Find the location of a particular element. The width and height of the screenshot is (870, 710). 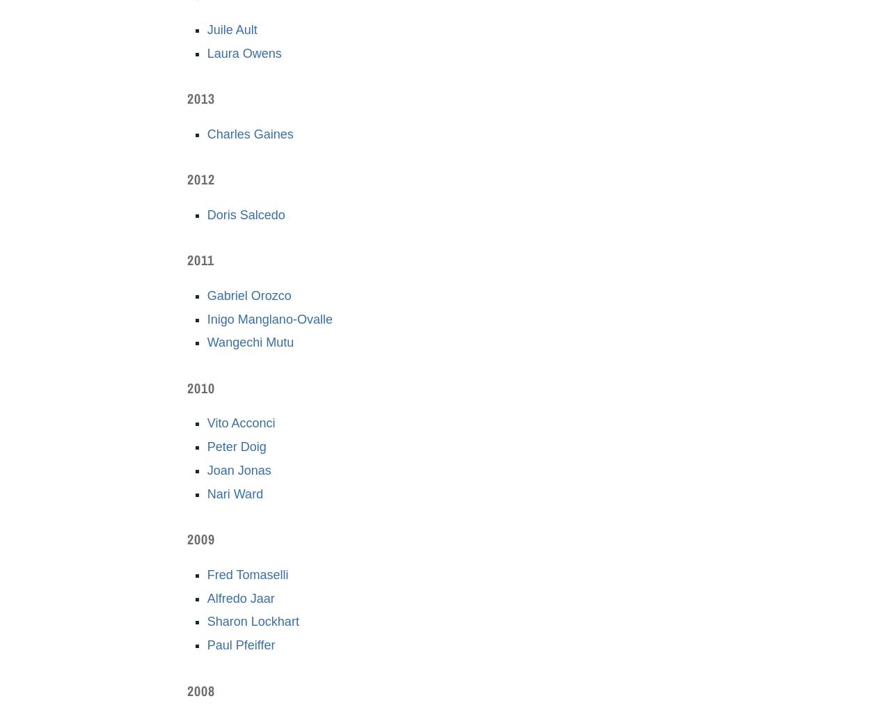

'Fred Tomaselli' is located at coordinates (246, 574).